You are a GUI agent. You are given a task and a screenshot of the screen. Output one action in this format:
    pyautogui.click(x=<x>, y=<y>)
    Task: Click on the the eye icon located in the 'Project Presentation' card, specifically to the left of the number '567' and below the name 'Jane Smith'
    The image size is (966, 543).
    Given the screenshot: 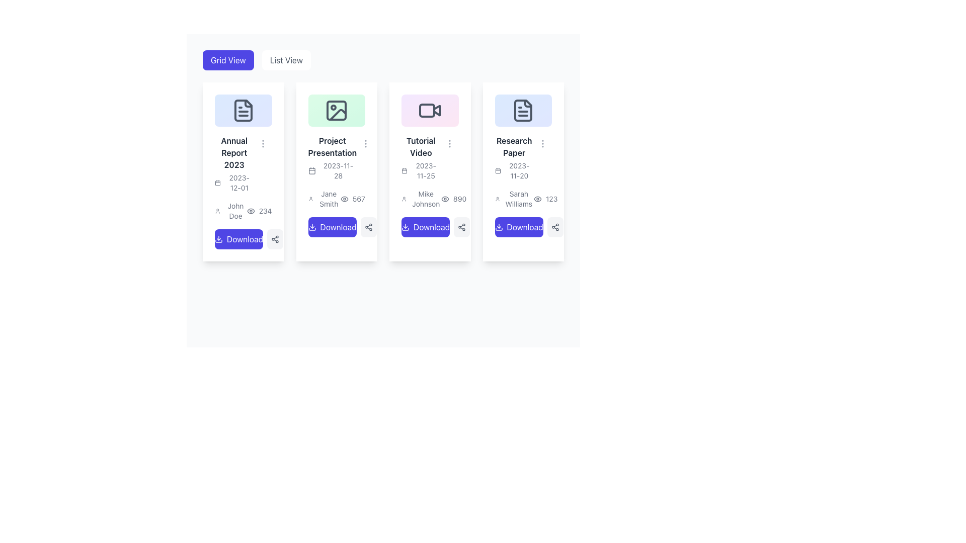 What is the action you would take?
    pyautogui.click(x=344, y=199)
    